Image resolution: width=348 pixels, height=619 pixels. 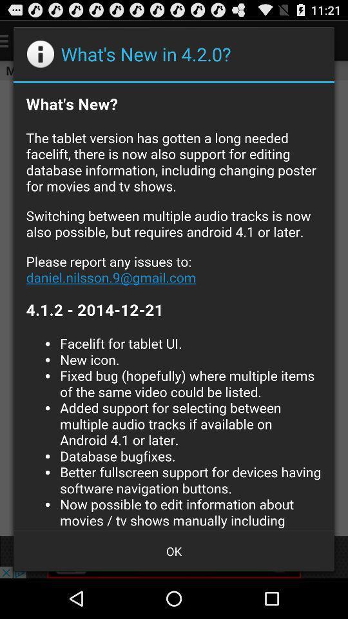 What do you see at coordinates (174, 306) in the screenshot?
I see `advertisement page` at bounding box center [174, 306].